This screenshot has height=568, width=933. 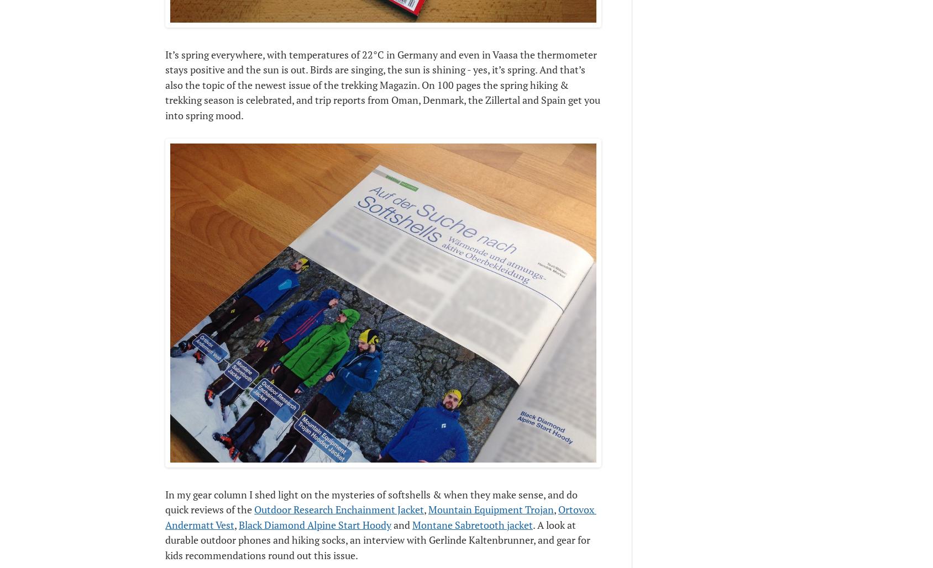 I want to click on 'In my gear column I shed light on the mysteries of softshells & when they make sense, and do quick reviews of the', so click(x=370, y=502).